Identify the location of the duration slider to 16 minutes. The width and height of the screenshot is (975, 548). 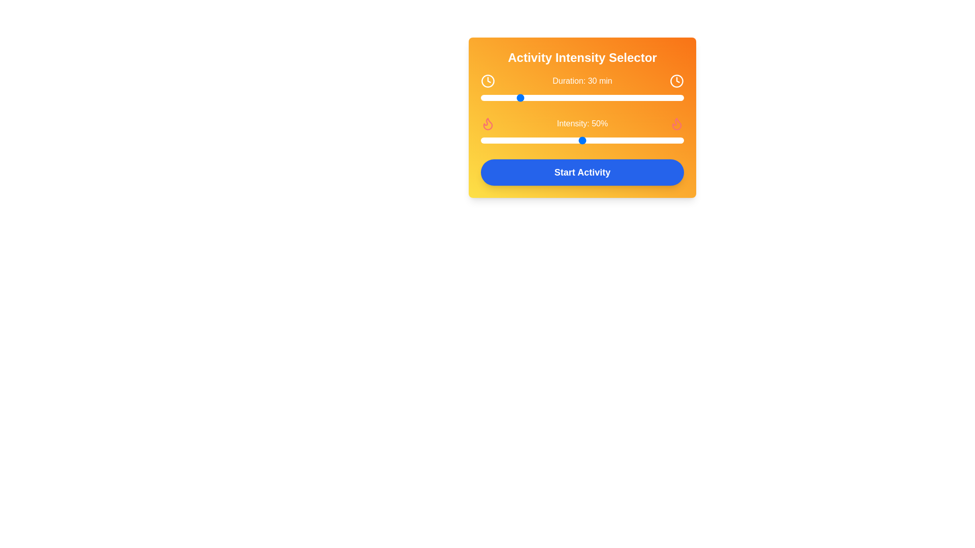
(492, 97).